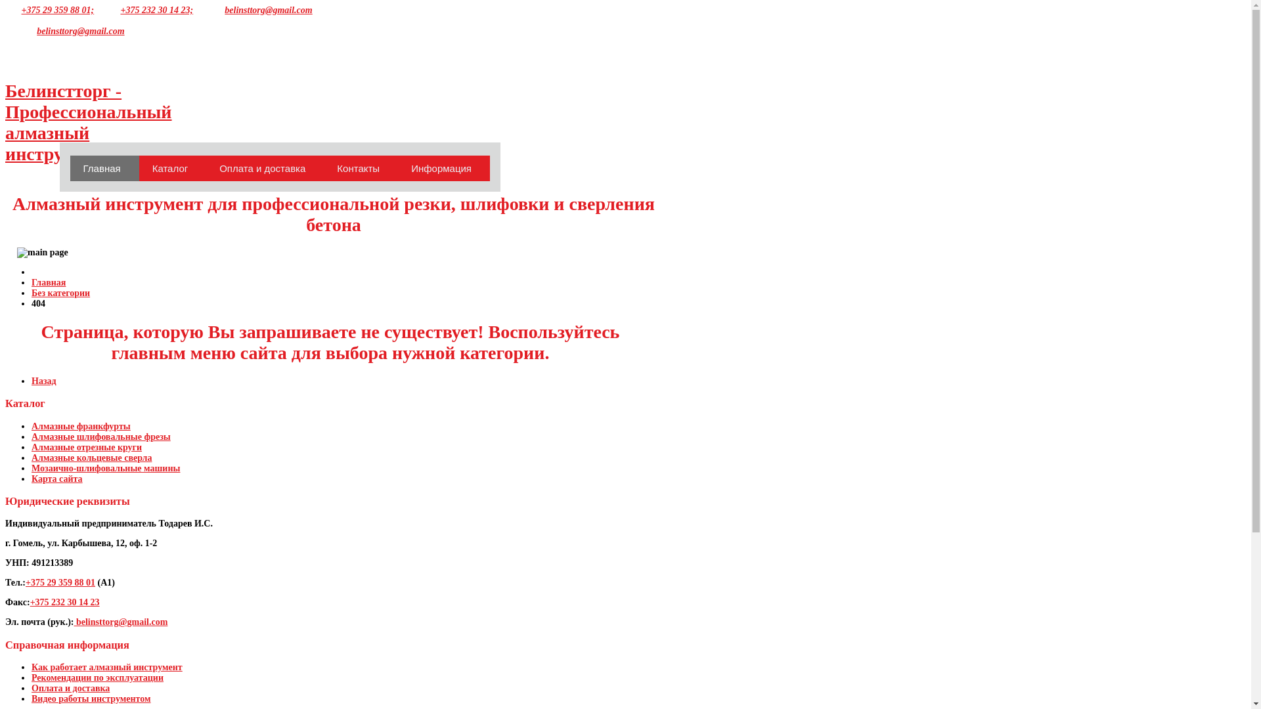 This screenshot has width=1261, height=709. I want to click on '+375 29 359 88 01;', so click(56, 10).